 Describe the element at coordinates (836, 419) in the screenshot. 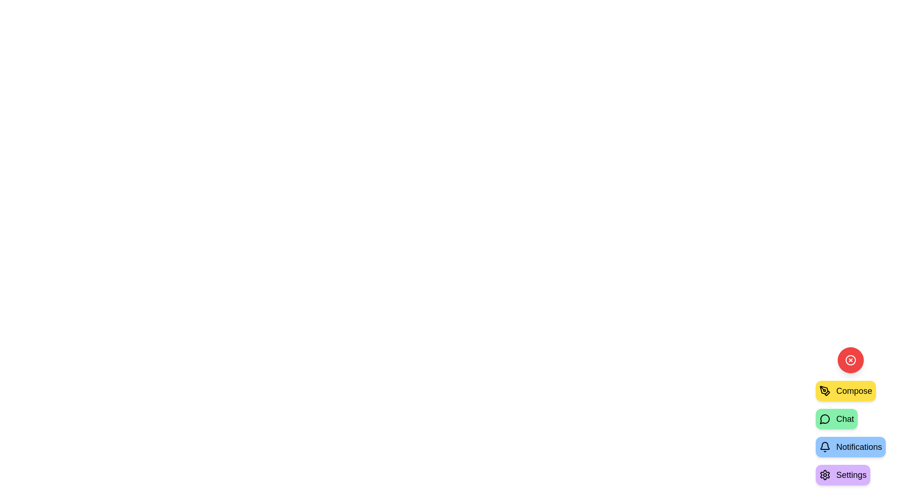

I see `the 'Chat' button in the speed dial menu` at that location.